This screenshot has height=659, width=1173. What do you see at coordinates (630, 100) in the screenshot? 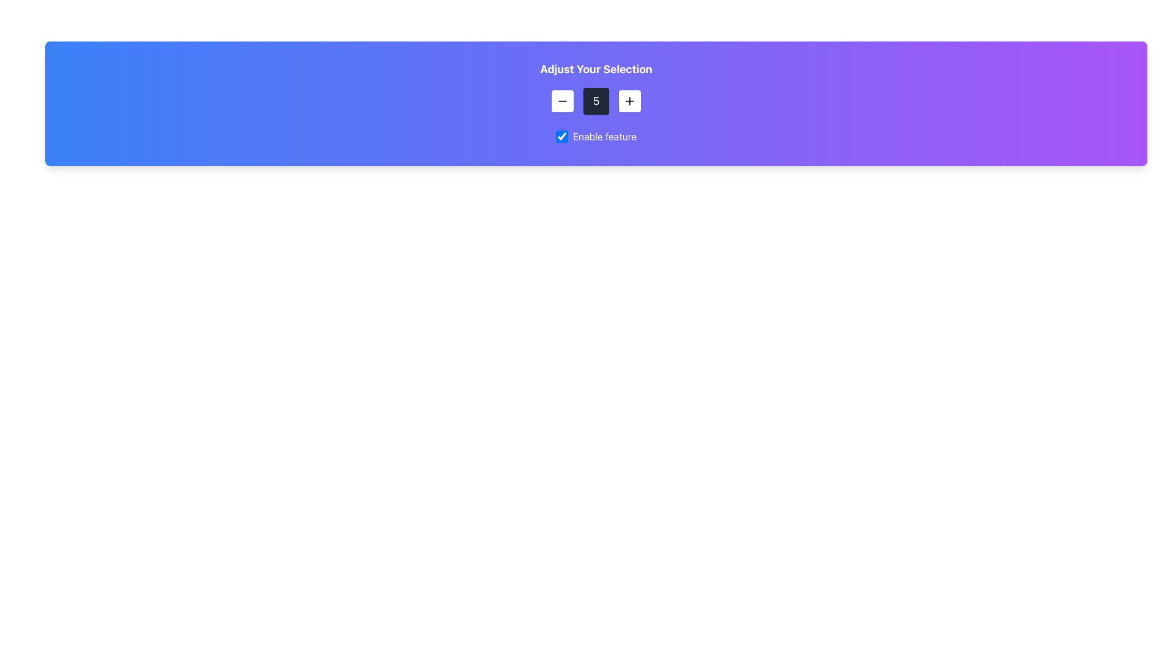
I see `the rightmost button in a horizontal arrangement of three elements, which is located immediately to the right of a dark-colored button displaying the number '5'` at bounding box center [630, 100].